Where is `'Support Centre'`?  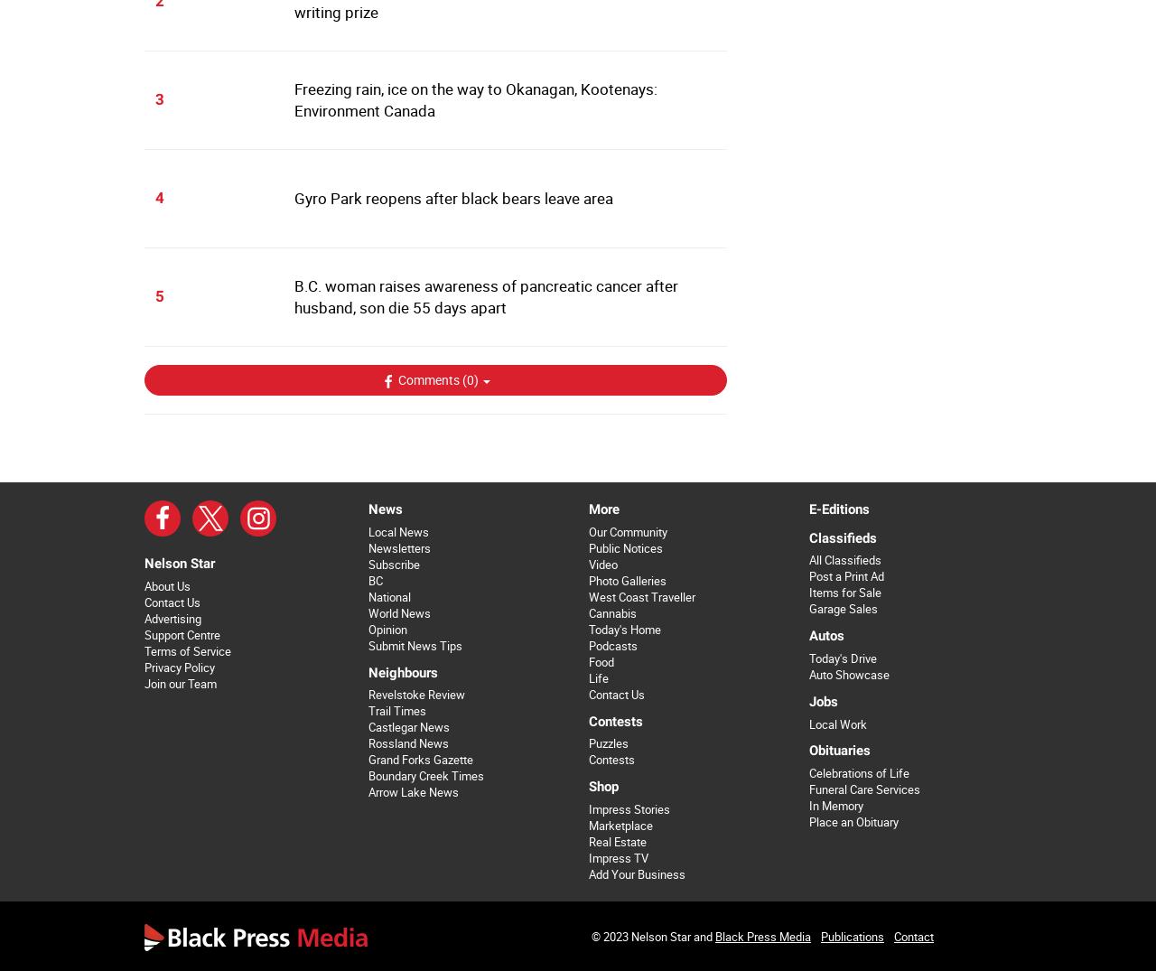
'Support Centre' is located at coordinates (182, 633).